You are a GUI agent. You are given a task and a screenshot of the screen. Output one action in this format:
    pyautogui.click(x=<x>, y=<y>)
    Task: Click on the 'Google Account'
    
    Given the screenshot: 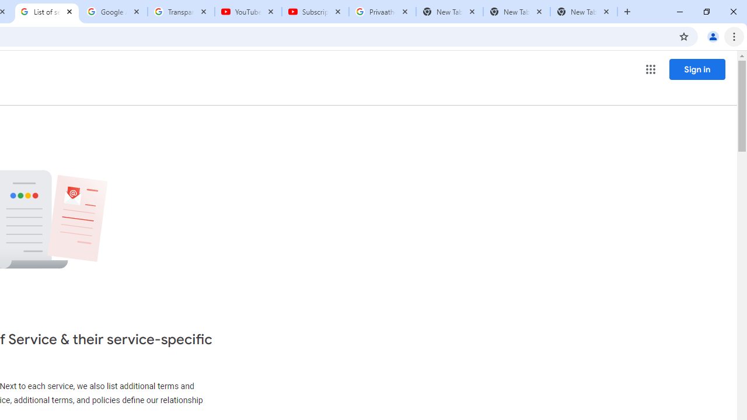 What is the action you would take?
    pyautogui.click(x=114, y=12)
    